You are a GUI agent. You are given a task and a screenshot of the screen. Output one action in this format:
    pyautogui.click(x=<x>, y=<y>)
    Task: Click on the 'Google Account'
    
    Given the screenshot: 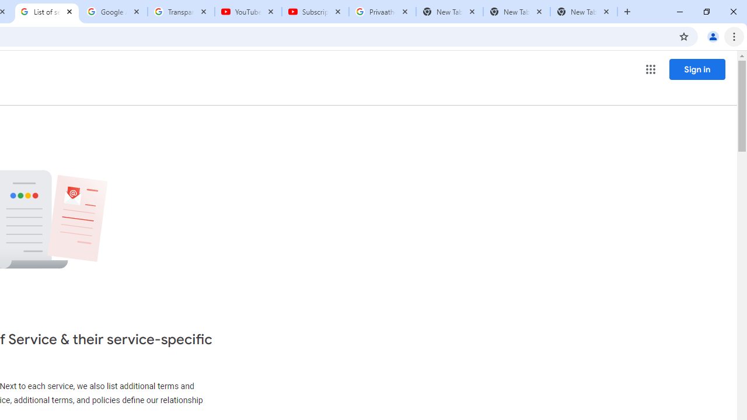 What is the action you would take?
    pyautogui.click(x=114, y=12)
    